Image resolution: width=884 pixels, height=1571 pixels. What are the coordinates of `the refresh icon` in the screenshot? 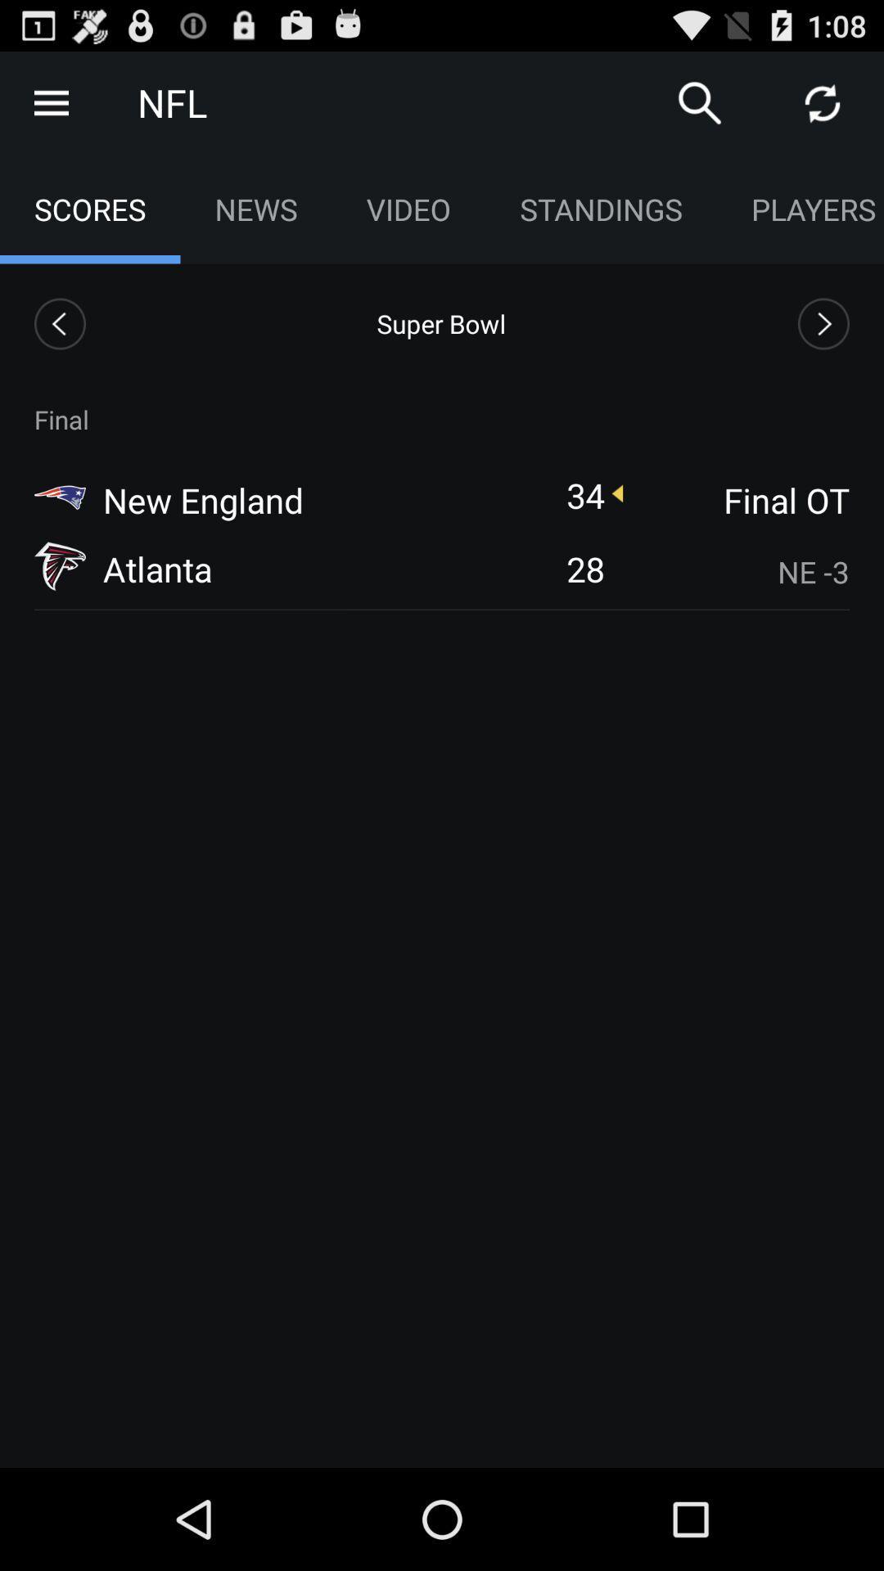 It's located at (823, 109).